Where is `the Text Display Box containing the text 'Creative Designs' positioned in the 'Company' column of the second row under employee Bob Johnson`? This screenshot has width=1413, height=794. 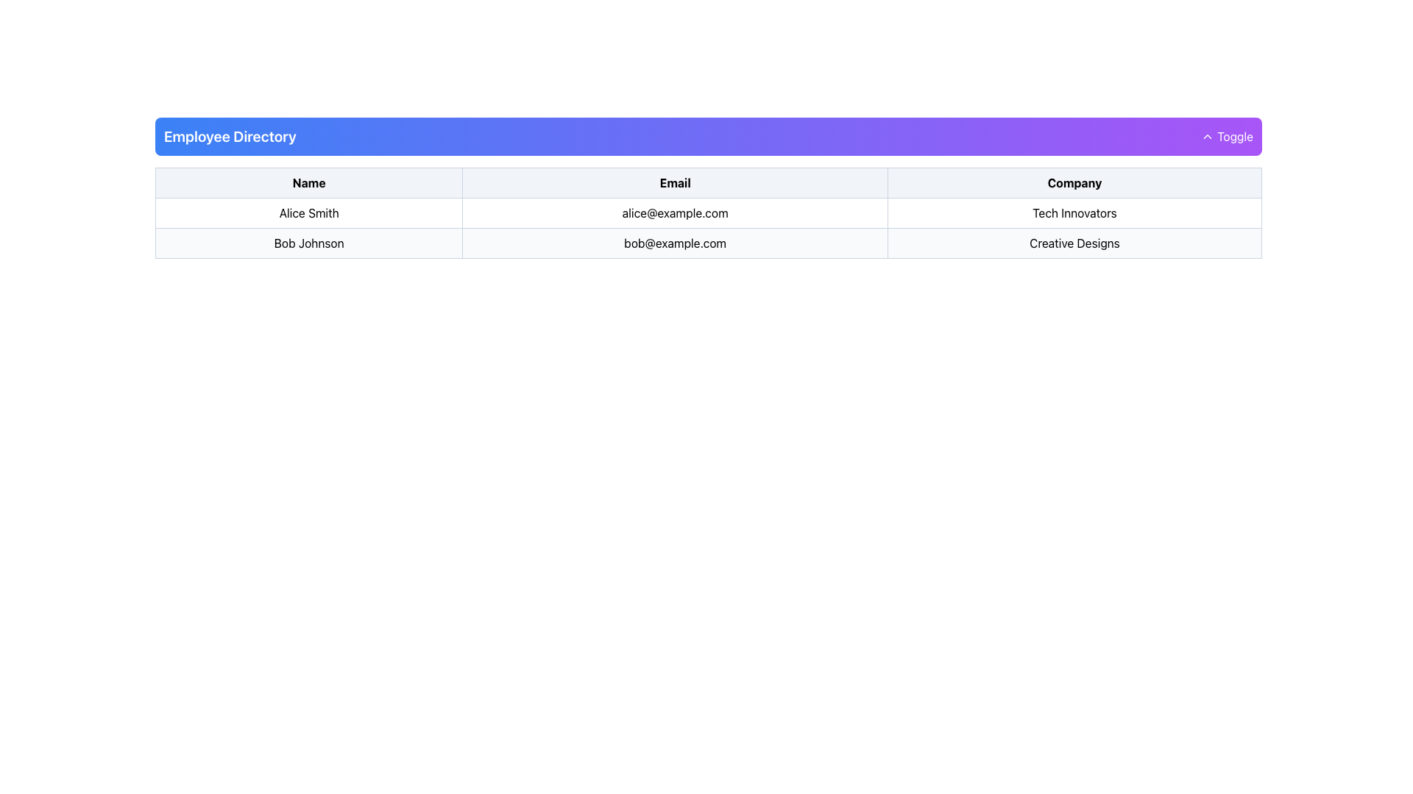 the Text Display Box containing the text 'Creative Designs' positioned in the 'Company' column of the second row under employee Bob Johnson is located at coordinates (1074, 243).